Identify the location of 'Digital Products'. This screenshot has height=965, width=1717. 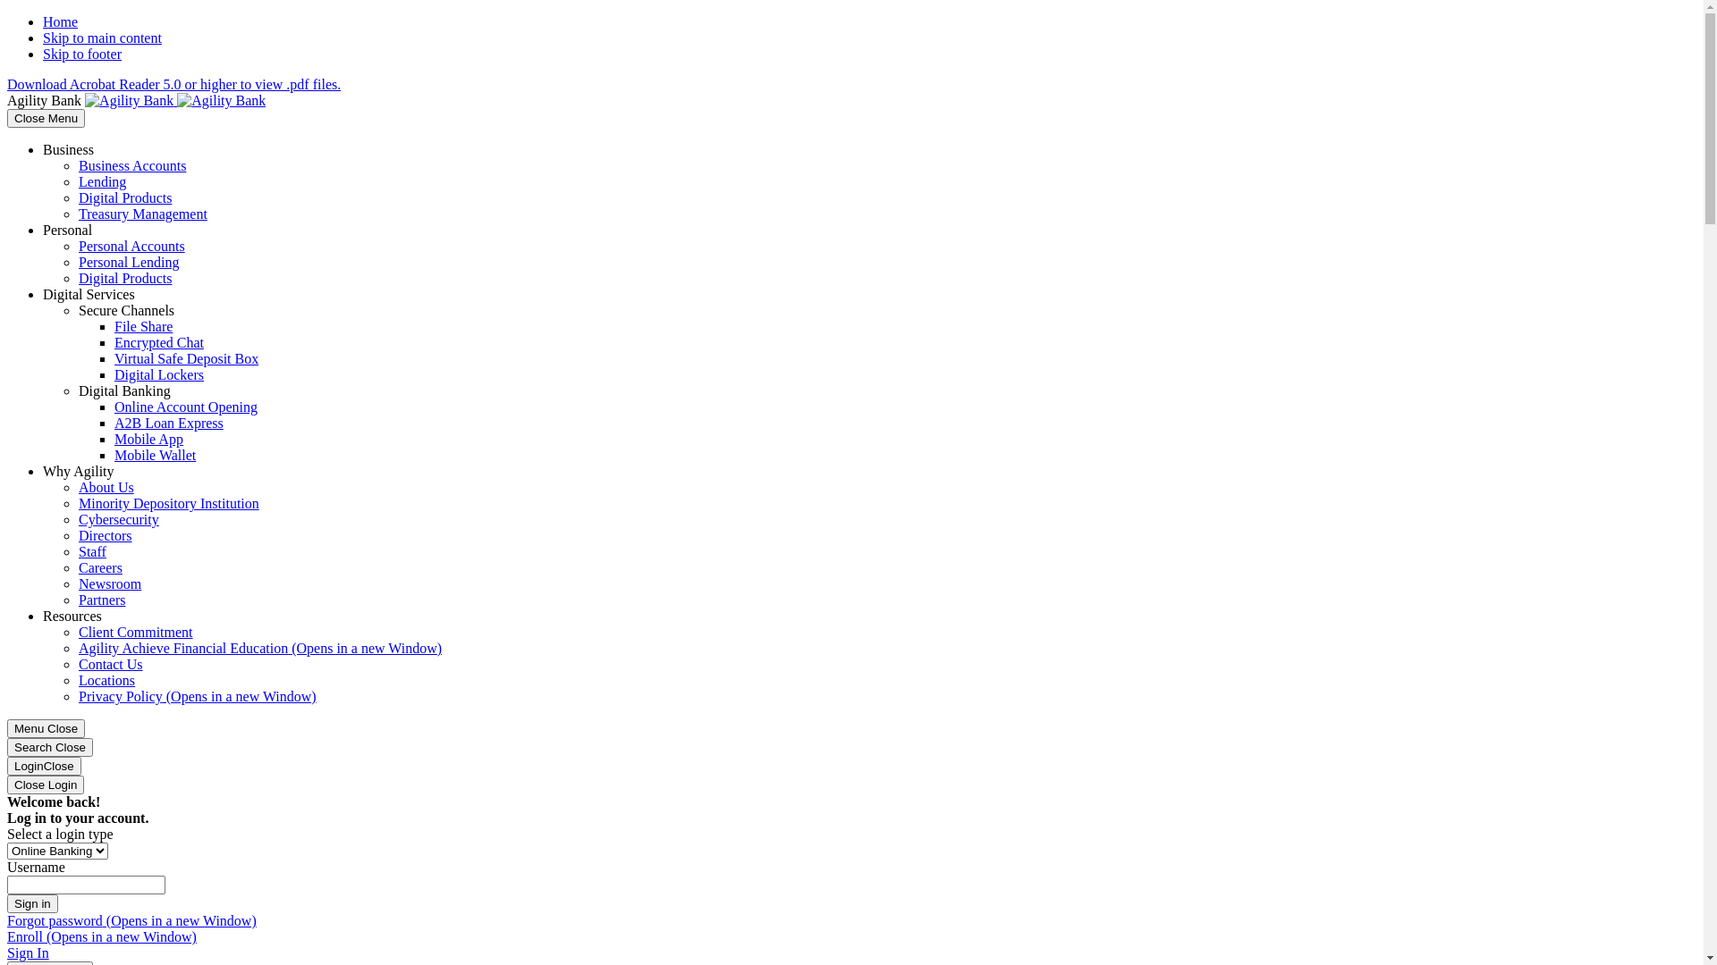
(77, 278).